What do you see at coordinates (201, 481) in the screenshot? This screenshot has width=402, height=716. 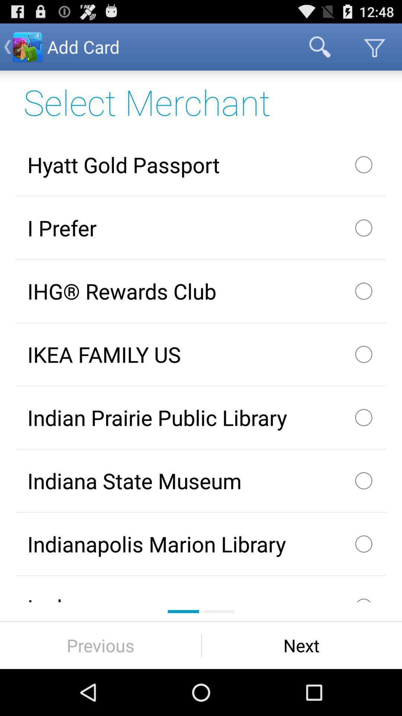 I see `the indiana state museum item` at bounding box center [201, 481].